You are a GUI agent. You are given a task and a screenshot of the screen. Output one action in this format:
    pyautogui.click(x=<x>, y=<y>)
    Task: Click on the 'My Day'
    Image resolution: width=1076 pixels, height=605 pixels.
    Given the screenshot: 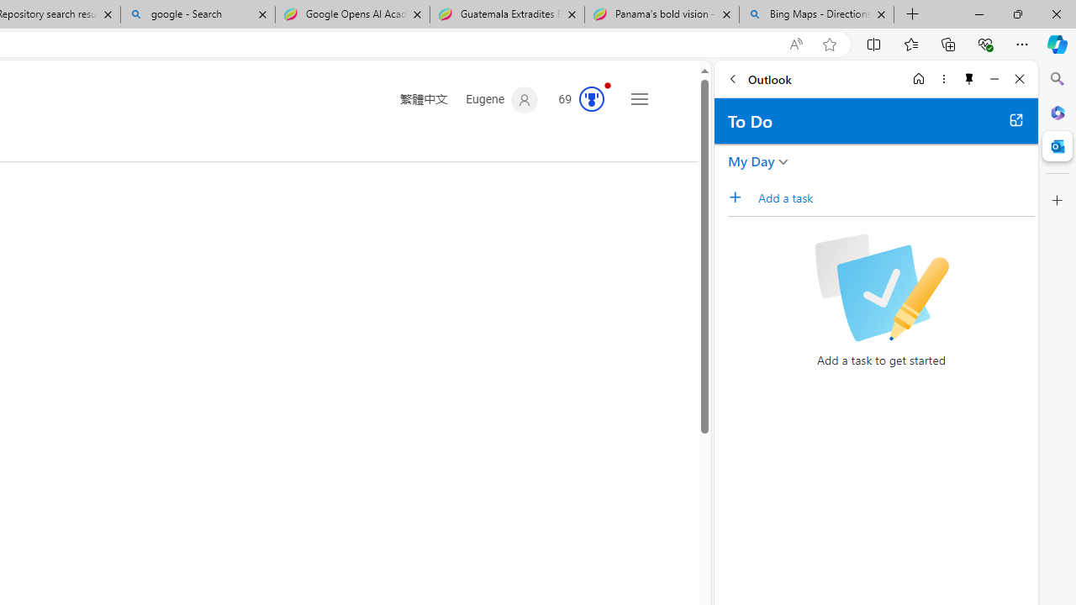 What is the action you would take?
    pyautogui.click(x=751, y=160)
    